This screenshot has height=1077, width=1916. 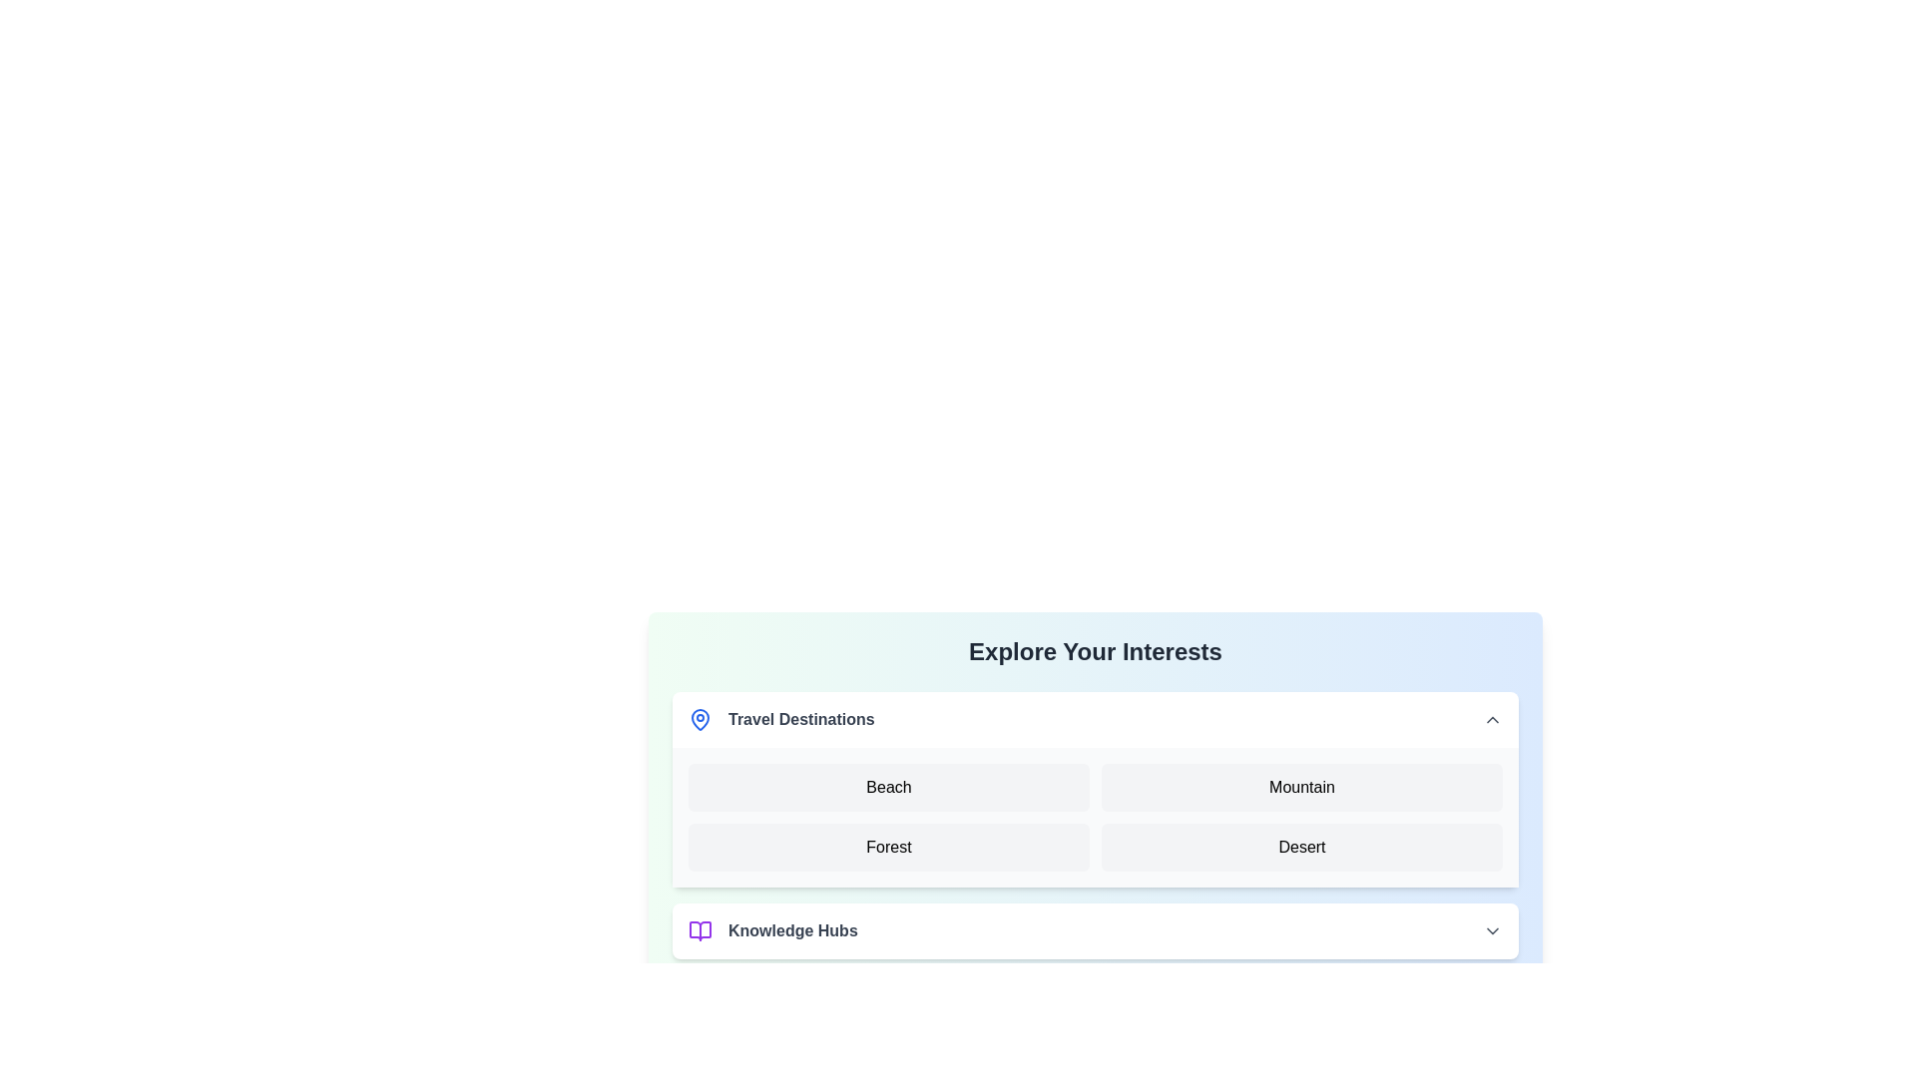 I want to click on the interactivity of the 'Knowledge Hubs' icon, which is located to the left of the text 'Knowledge Hubs' under the 'Explore Your Interests' section, so click(x=700, y=930).